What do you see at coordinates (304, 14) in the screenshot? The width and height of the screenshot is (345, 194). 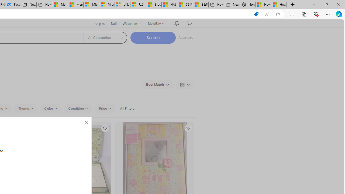 I see `'Collections'` at bounding box center [304, 14].